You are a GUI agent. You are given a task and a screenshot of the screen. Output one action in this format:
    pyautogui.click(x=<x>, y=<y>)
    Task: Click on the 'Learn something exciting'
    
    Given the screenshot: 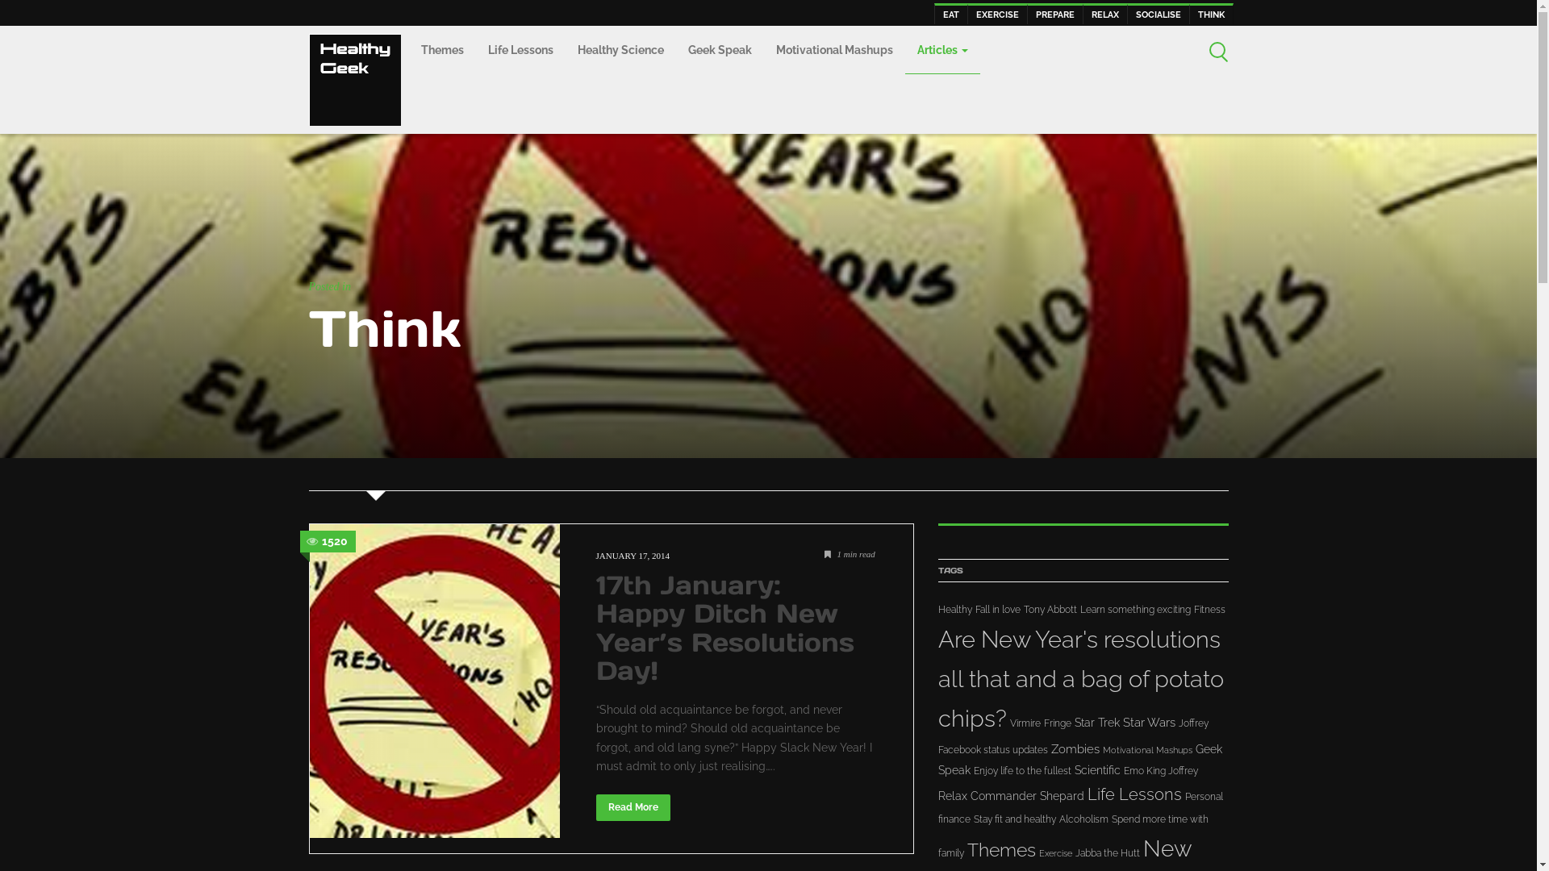 What is the action you would take?
    pyautogui.click(x=1134, y=610)
    